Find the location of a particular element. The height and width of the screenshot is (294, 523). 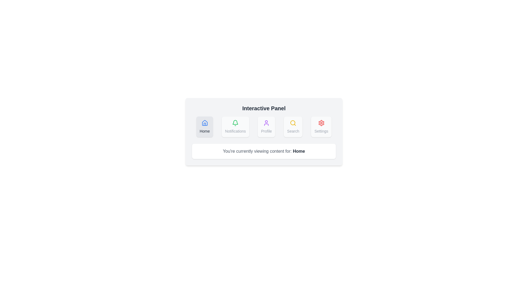

the 'Search' text label located at the center bottom of the button labeled 'Search', which is the fourth button from the left in a row of five buttons is located at coordinates (293, 131).